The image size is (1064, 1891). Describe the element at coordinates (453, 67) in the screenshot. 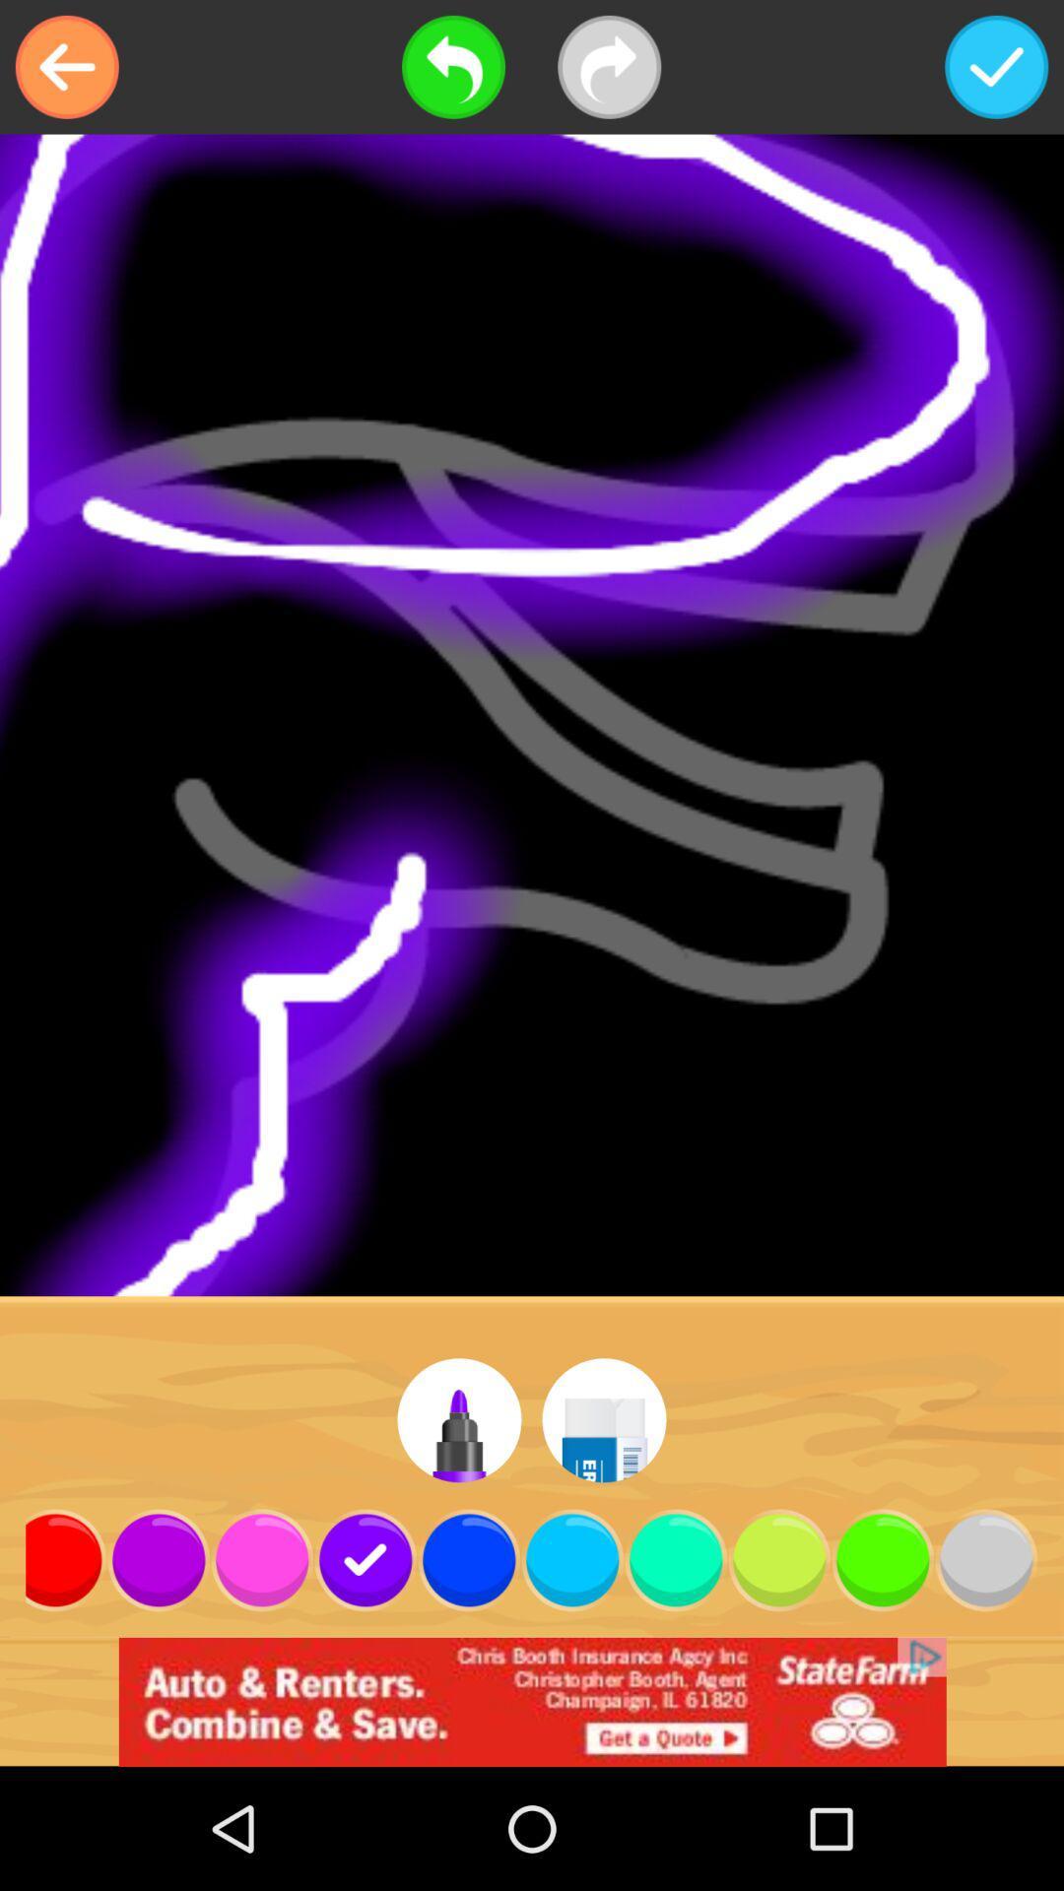

I see `undo` at that location.